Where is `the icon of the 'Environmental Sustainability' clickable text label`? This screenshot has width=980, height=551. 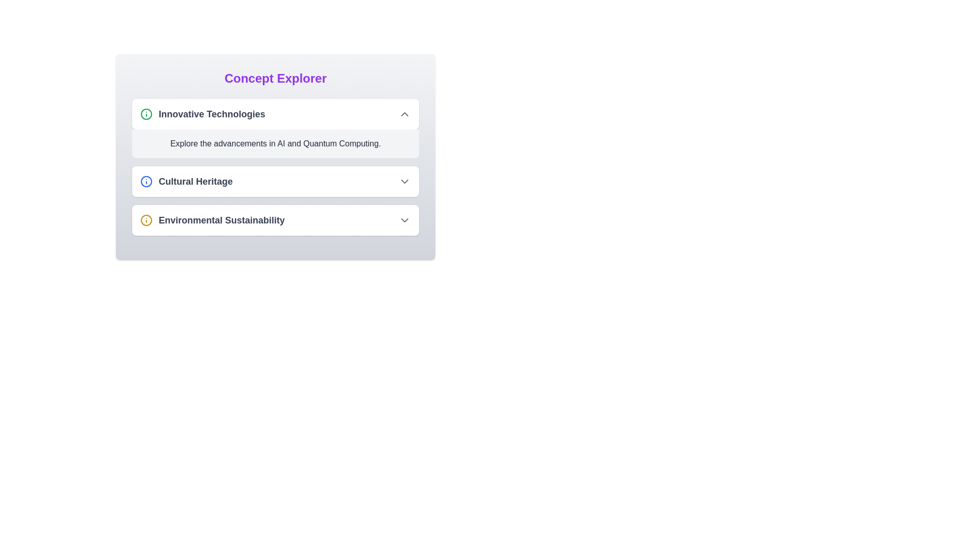
the icon of the 'Environmental Sustainability' clickable text label is located at coordinates (212, 220).